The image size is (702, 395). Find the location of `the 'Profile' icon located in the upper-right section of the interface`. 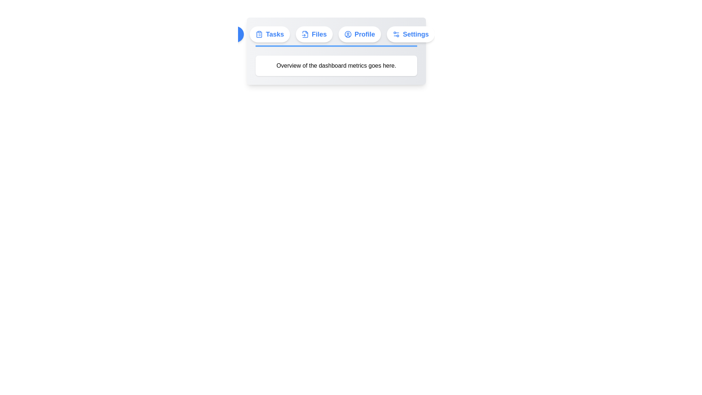

the 'Profile' icon located in the upper-right section of the interface is located at coordinates (347, 34).